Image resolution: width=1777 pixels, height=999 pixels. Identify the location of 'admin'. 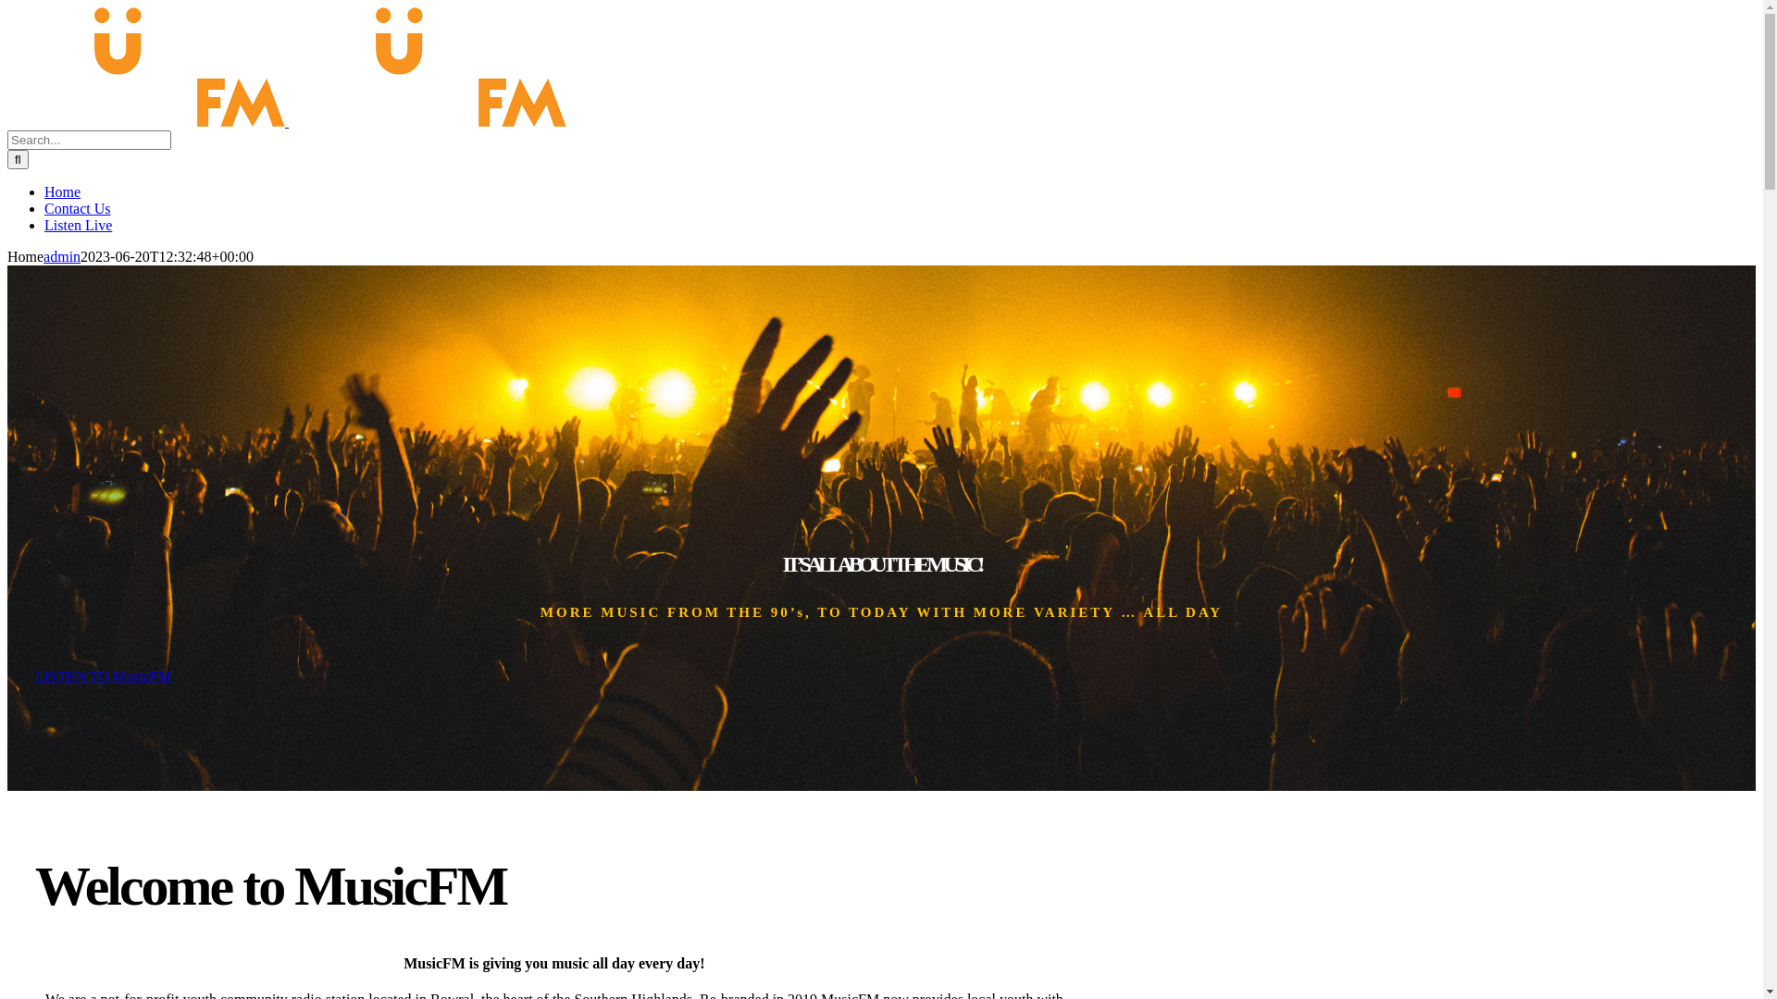
(62, 256).